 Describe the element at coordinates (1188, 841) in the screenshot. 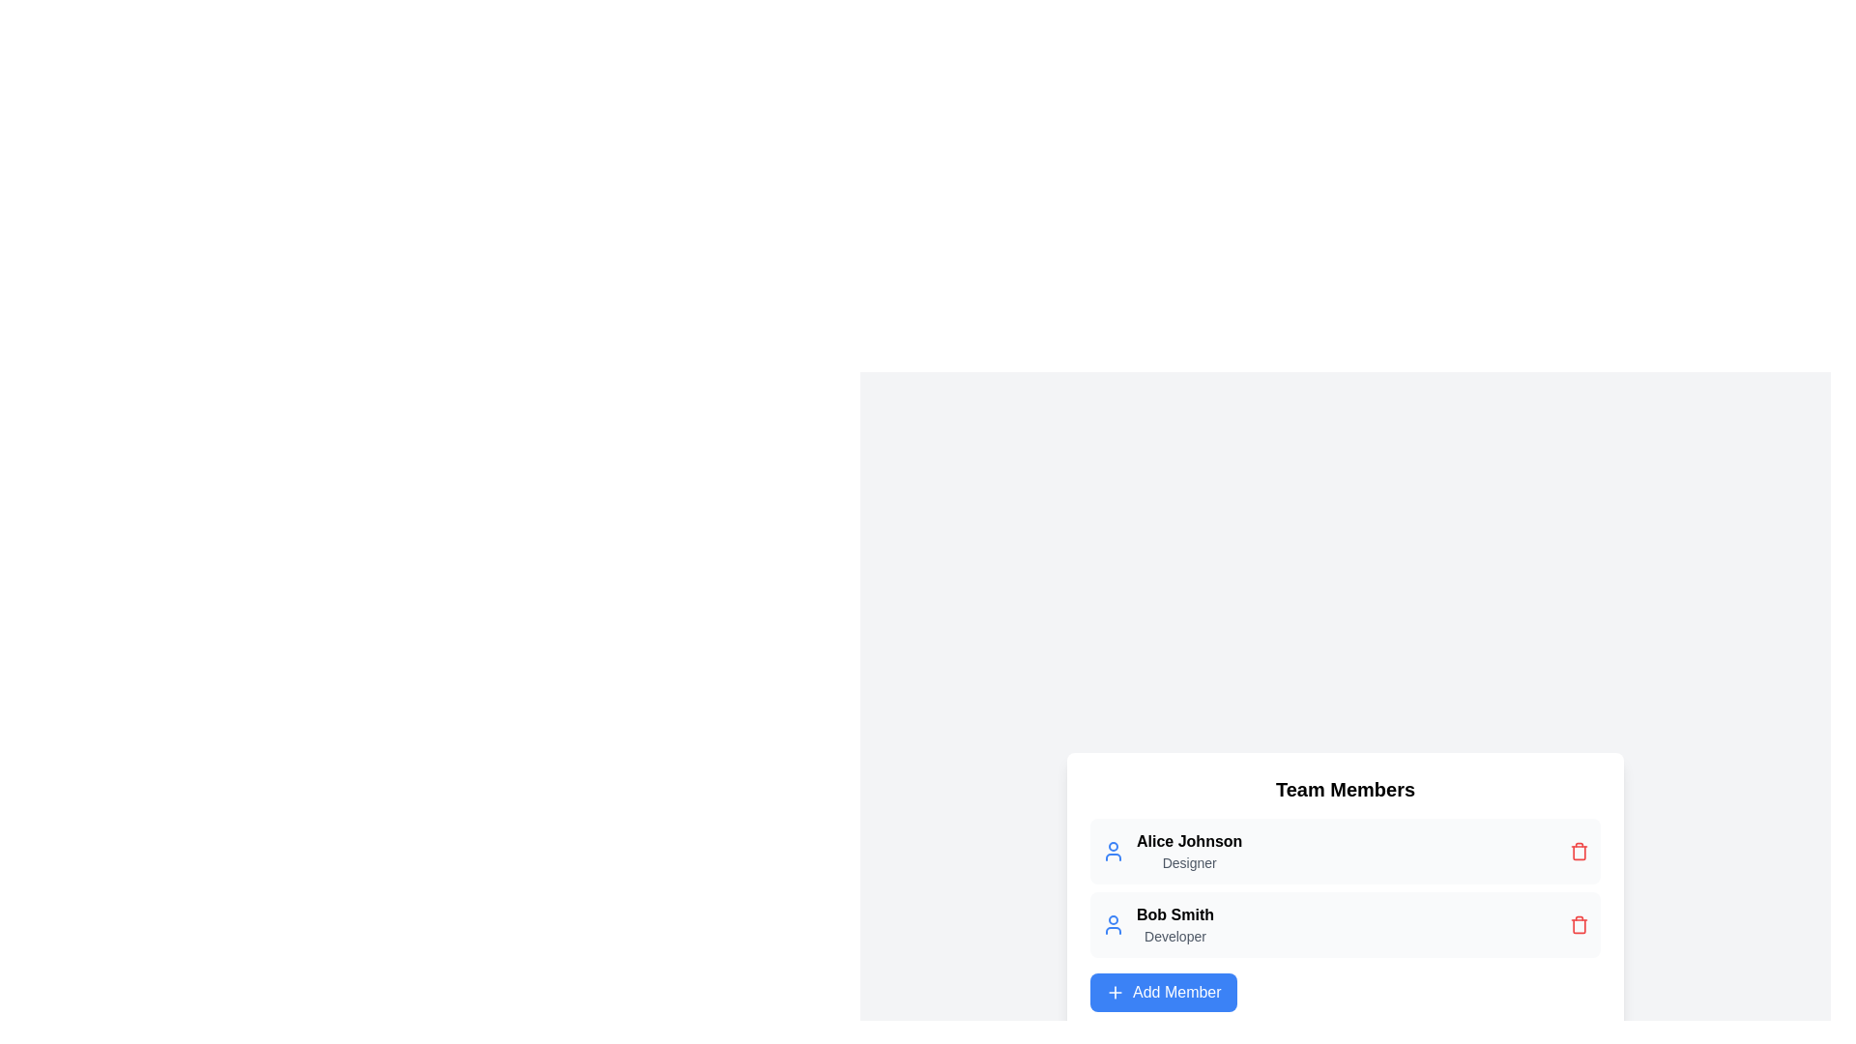

I see `the text label displaying the name 'Alice Johnson' located under the 'Team Members' section` at that location.